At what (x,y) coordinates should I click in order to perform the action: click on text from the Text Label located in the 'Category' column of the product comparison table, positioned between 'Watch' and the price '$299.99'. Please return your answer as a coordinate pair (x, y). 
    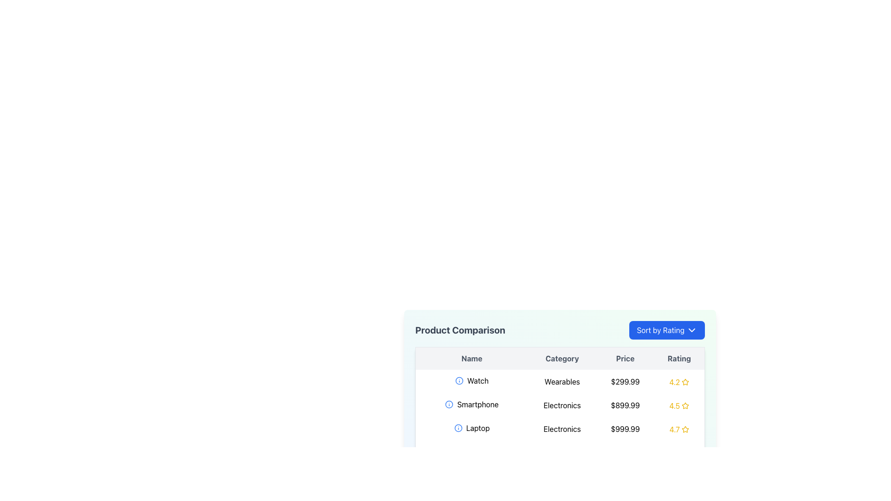
    Looking at the image, I should click on (562, 381).